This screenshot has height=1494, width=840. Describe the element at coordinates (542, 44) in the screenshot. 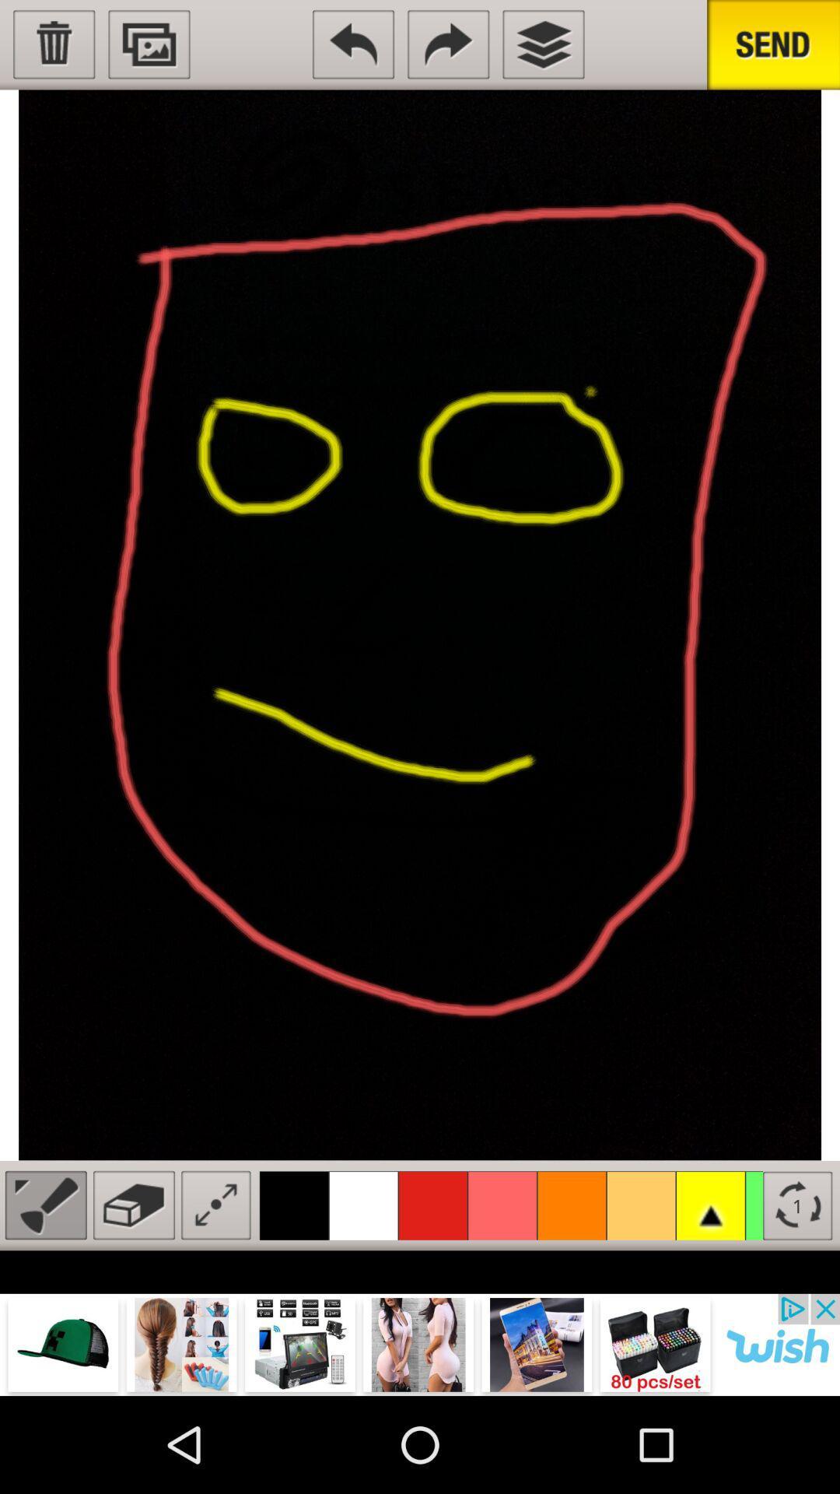

I see `the layers icon` at that location.